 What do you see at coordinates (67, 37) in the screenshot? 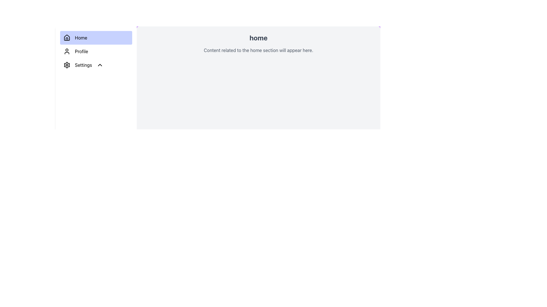
I see `the decorative 'Home' icon in the navigation menu, which is located at the top of the left navigation bar alongside other graphical icons` at bounding box center [67, 37].